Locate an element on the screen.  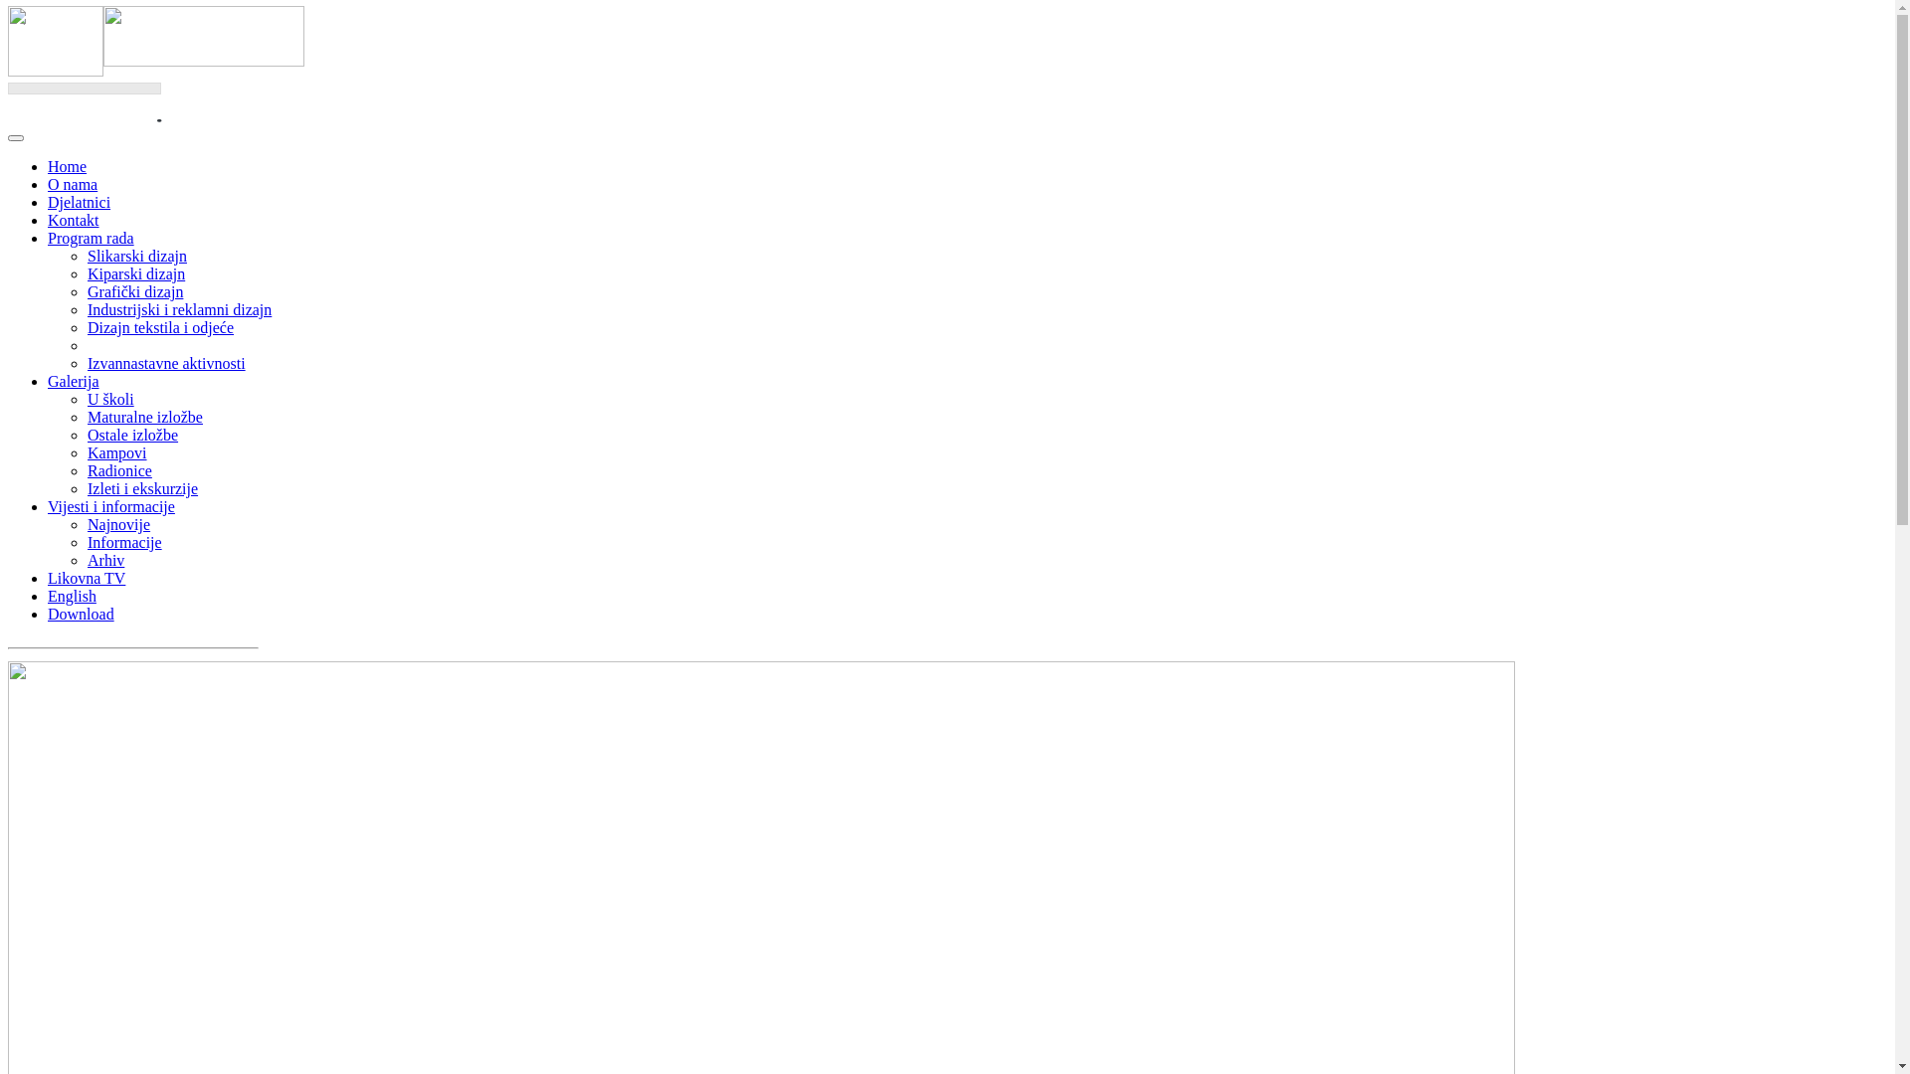
'Galerija' is located at coordinates (73, 381).